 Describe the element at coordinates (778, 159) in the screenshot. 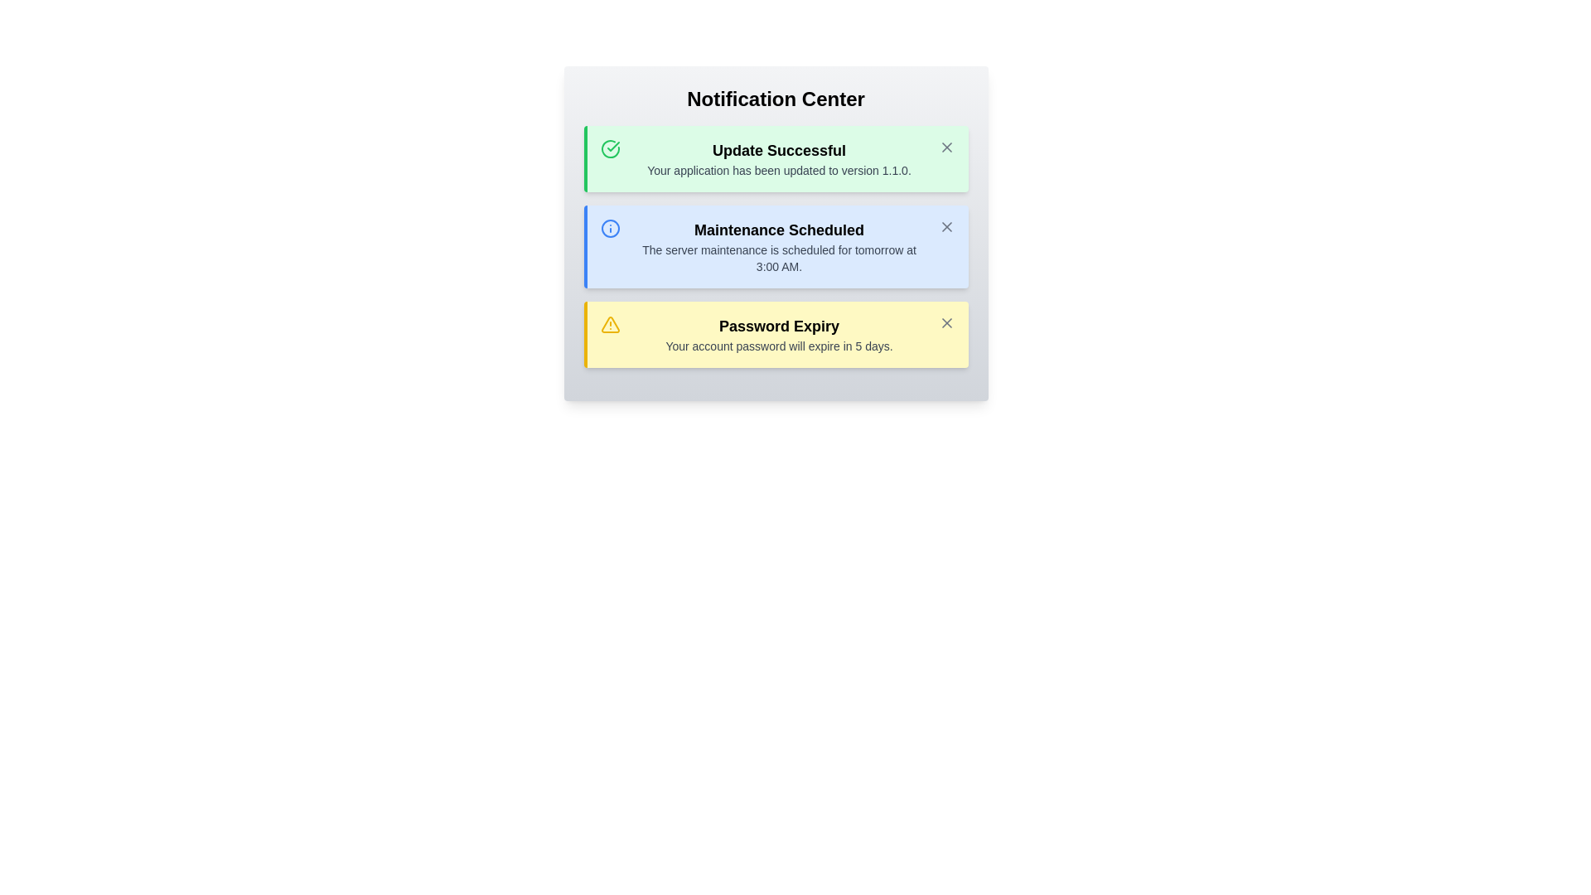

I see `the informational message that states 'Update Successful' with a smaller line 'Your application has been updated to version 1.1.0.' inside the green notification box` at that location.